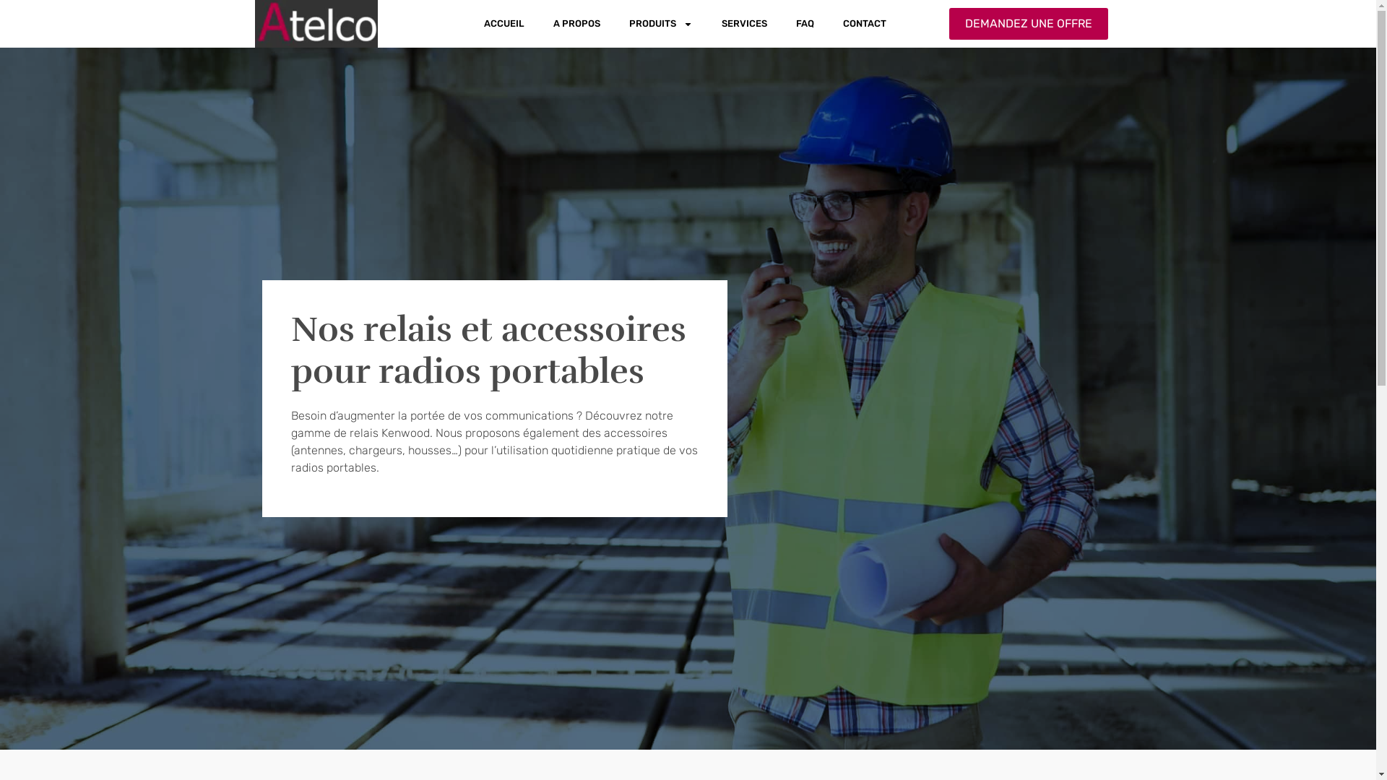 This screenshot has height=780, width=1387. I want to click on 'DEMANDEZ UNE OFFRE', so click(949, 24).